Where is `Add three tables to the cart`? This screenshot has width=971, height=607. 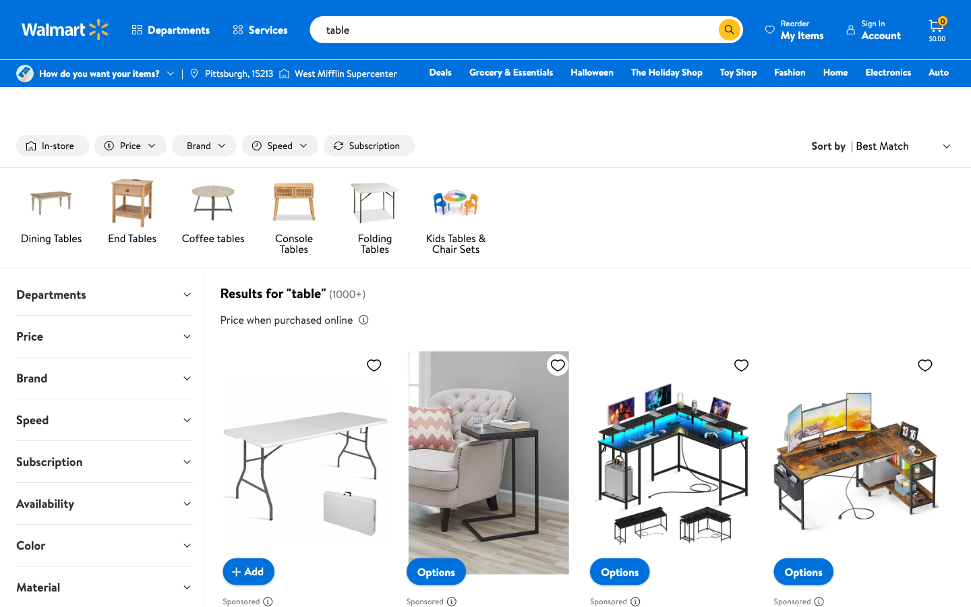 Add three tables to the cart is located at coordinates (247, 571).